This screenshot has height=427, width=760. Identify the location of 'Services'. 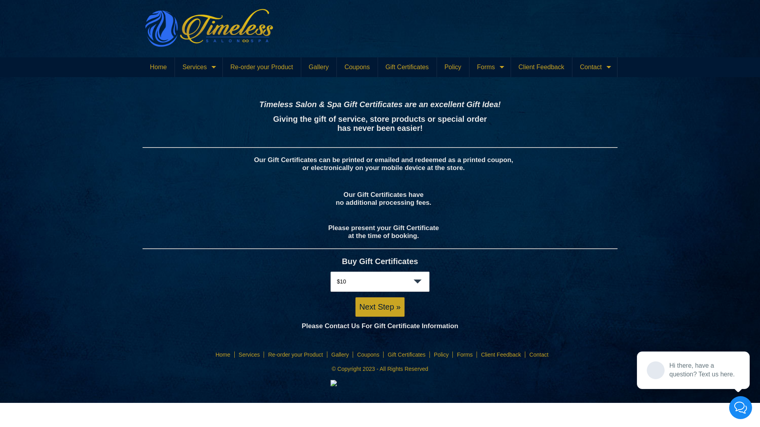
(198, 66).